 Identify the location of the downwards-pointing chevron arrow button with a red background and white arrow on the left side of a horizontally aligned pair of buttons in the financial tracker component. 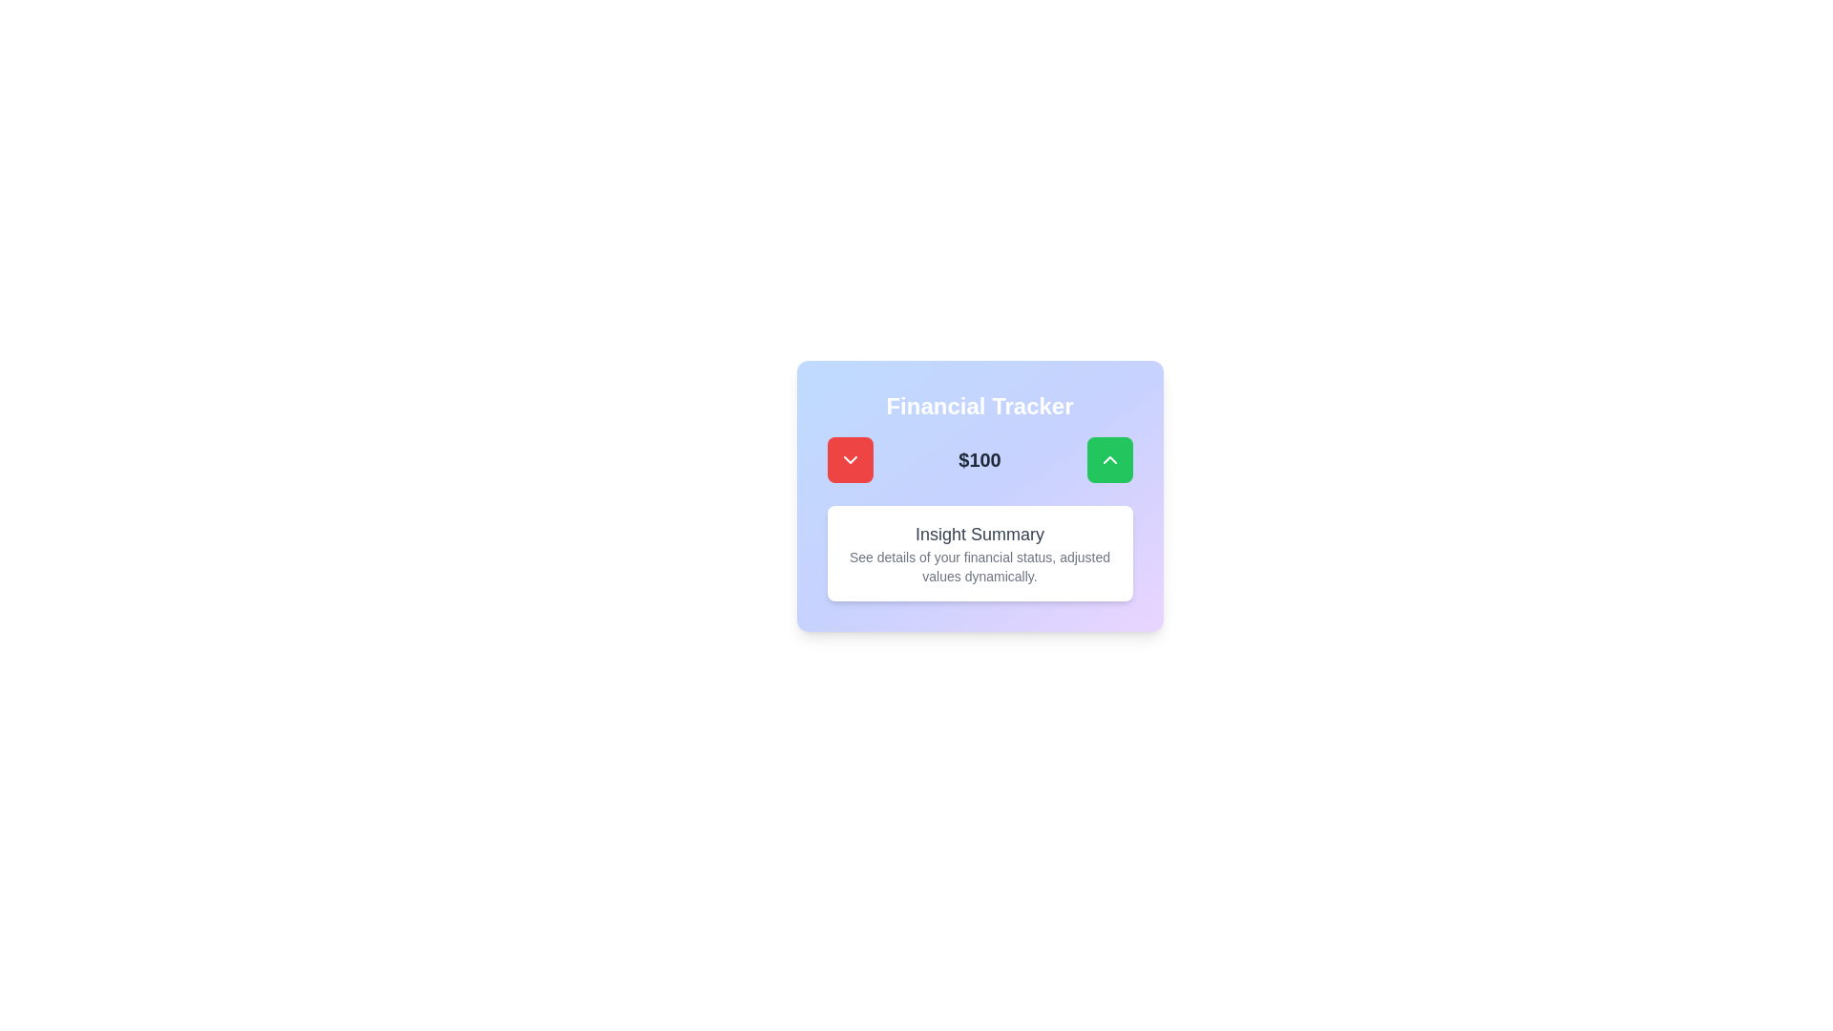
(849, 460).